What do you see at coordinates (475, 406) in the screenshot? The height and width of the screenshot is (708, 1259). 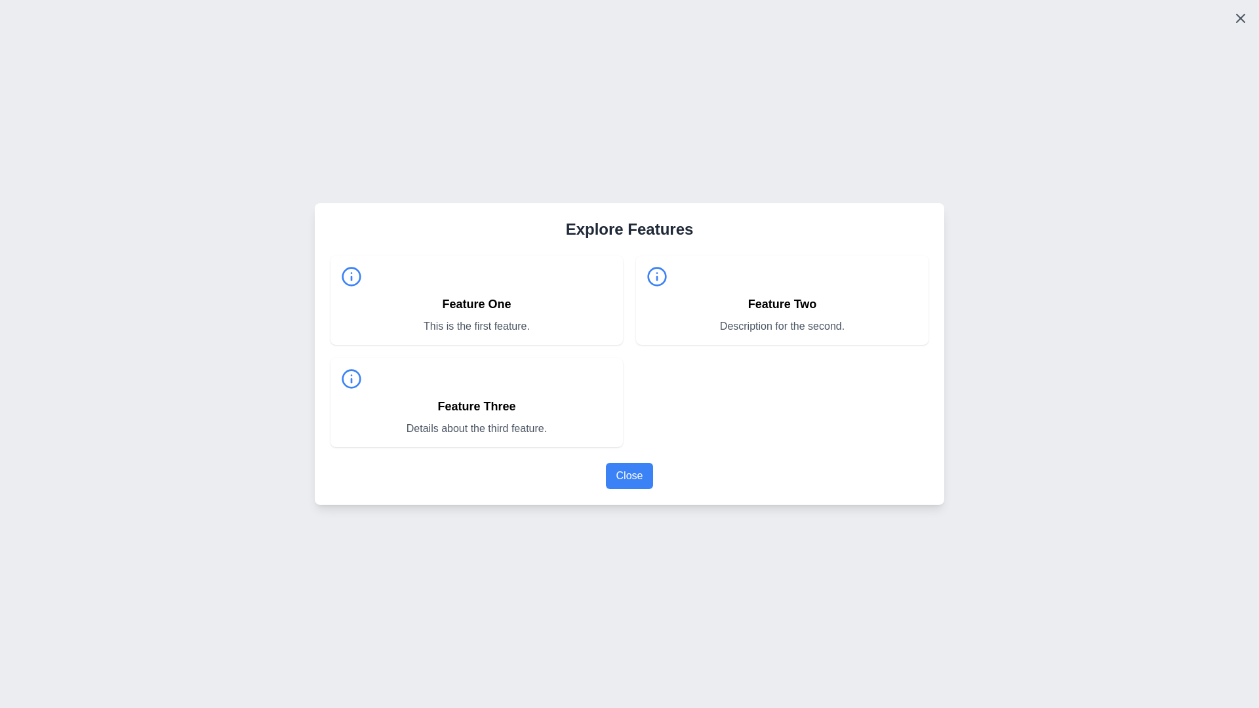 I see `the title text of the third feature in the 'Explore Features' interface to associate it with its description below` at bounding box center [475, 406].